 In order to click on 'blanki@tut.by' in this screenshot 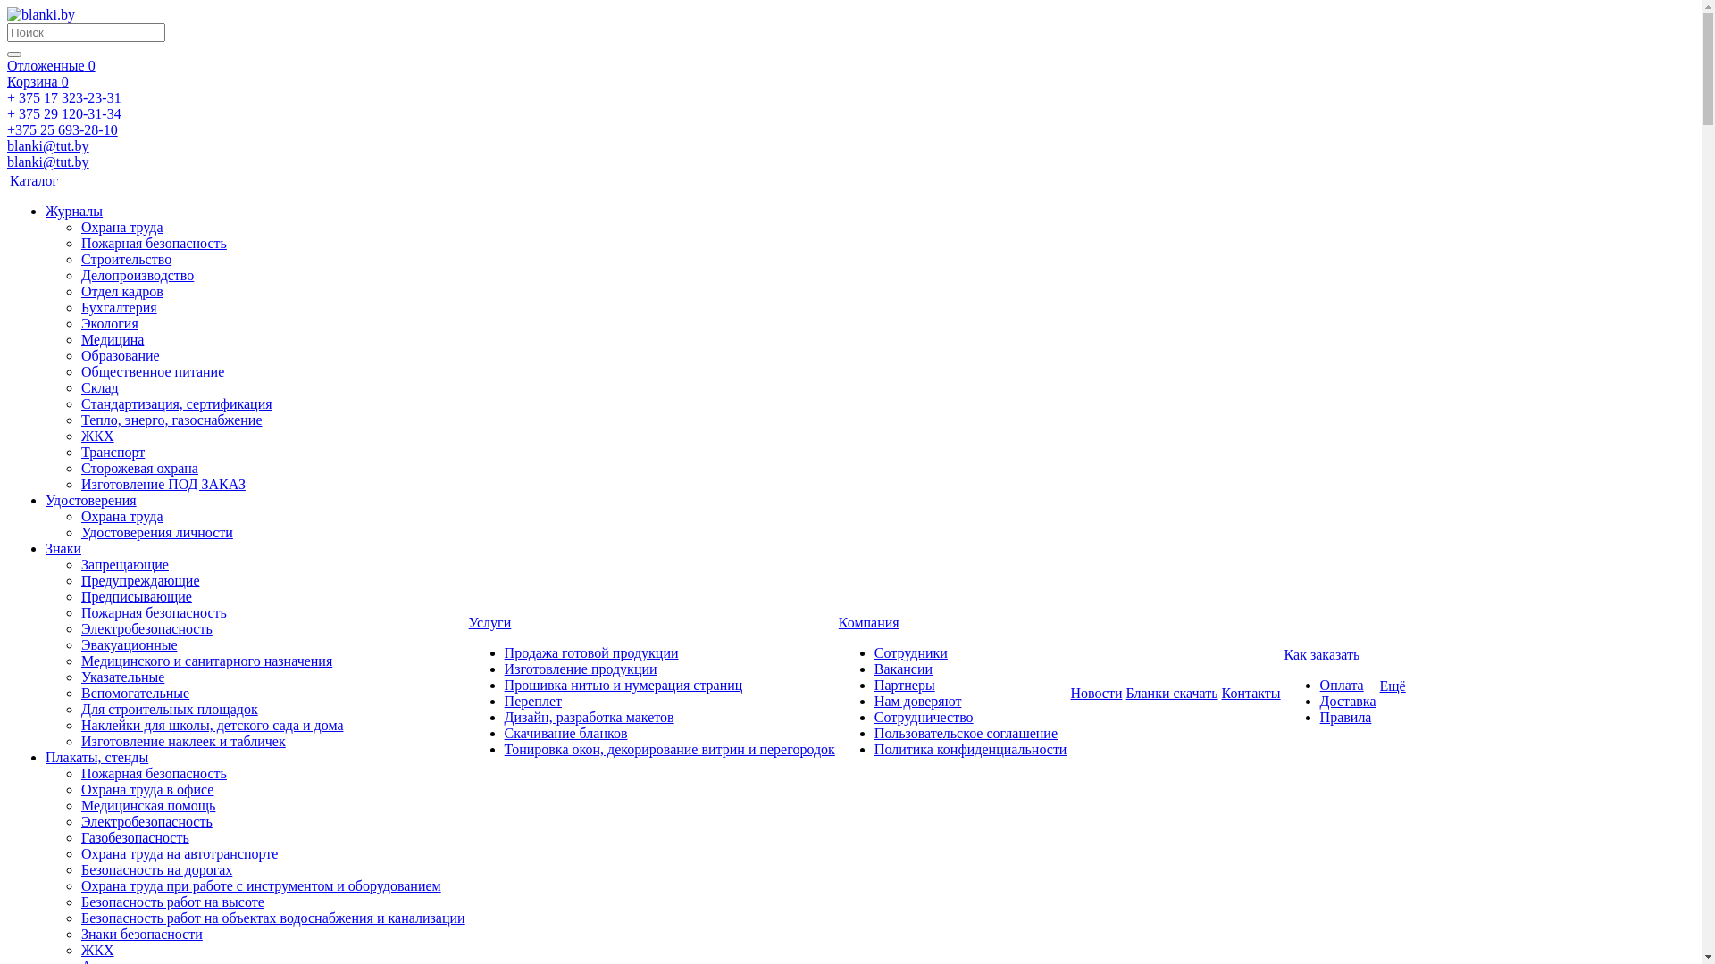, I will do `click(7, 145)`.